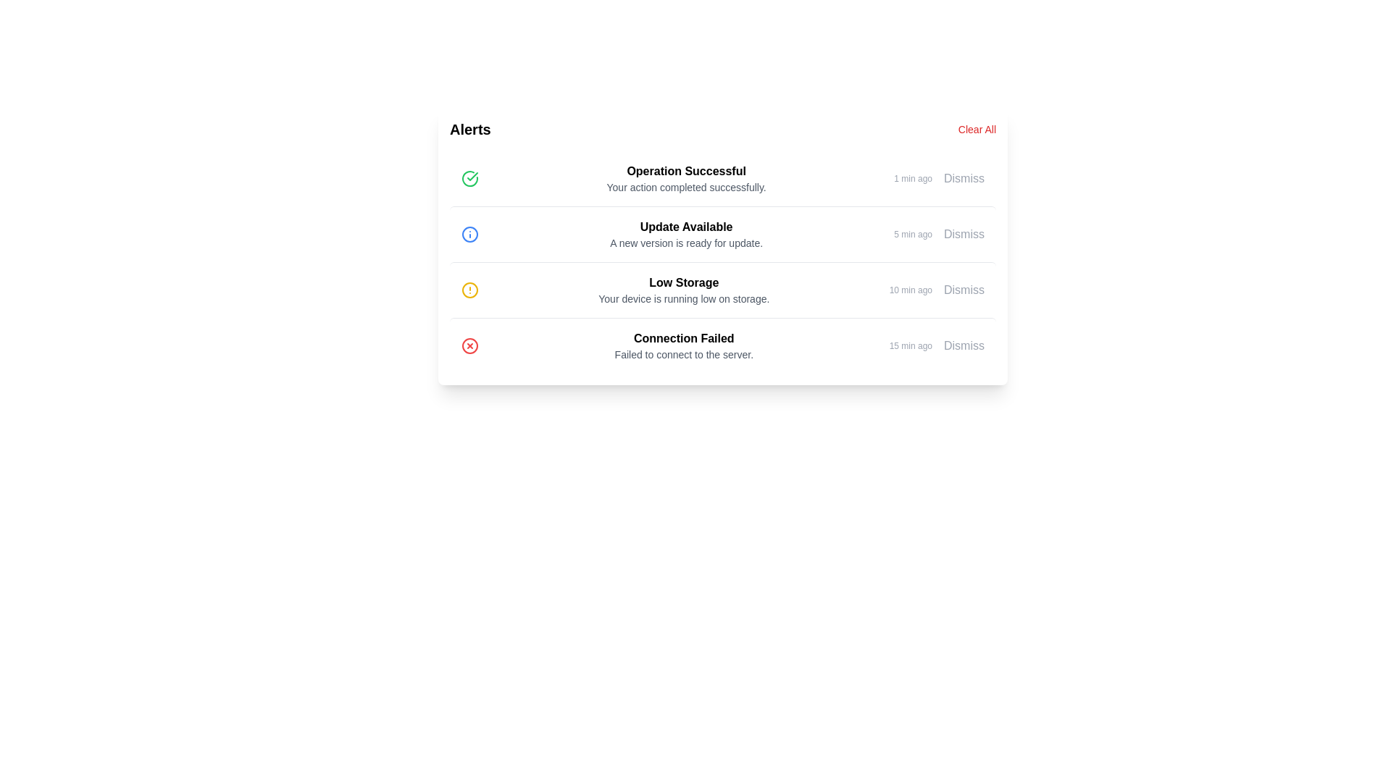  What do you see at coordinates (977, 128) in the screenshot?
I see `the text-based button in the top-right corner of the 'Alerts' component` at bounding box center [977, 128].